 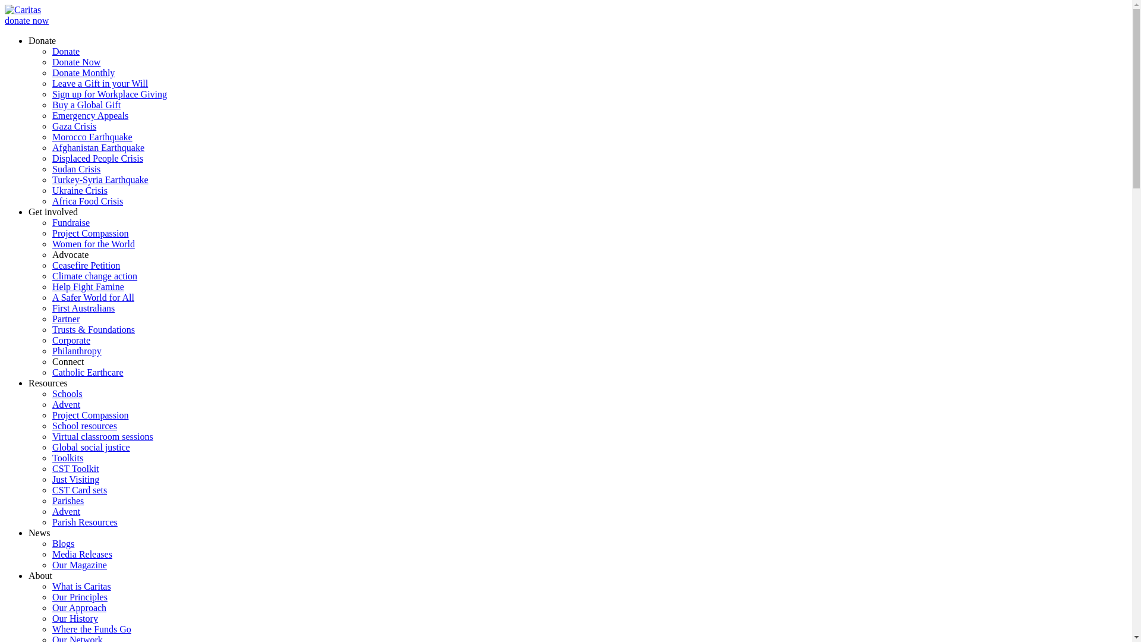 I want to click on 'A Safer World for All', so click(x=93, y=297).